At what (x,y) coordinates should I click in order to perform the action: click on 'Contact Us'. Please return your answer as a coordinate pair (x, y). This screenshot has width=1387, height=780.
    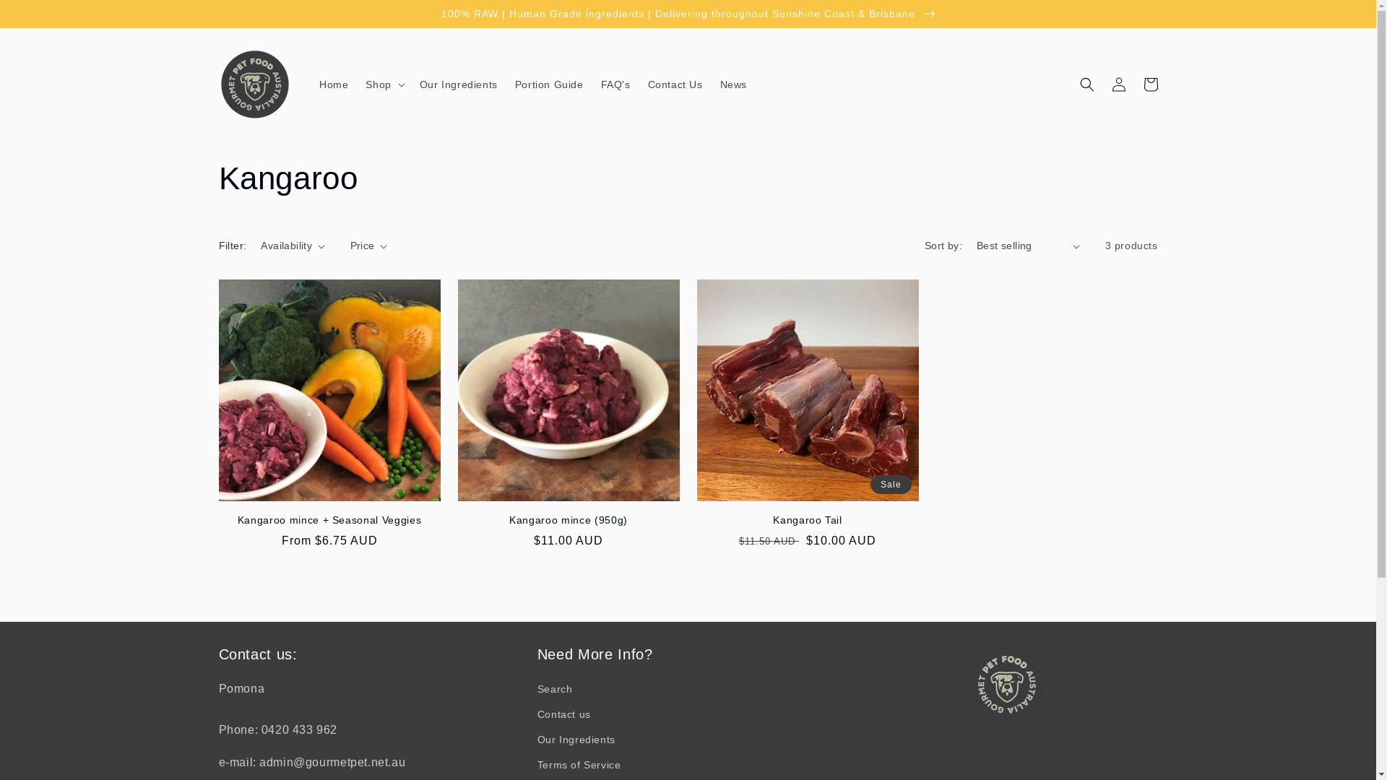
    Looking at the image, I should click on (675, 84).